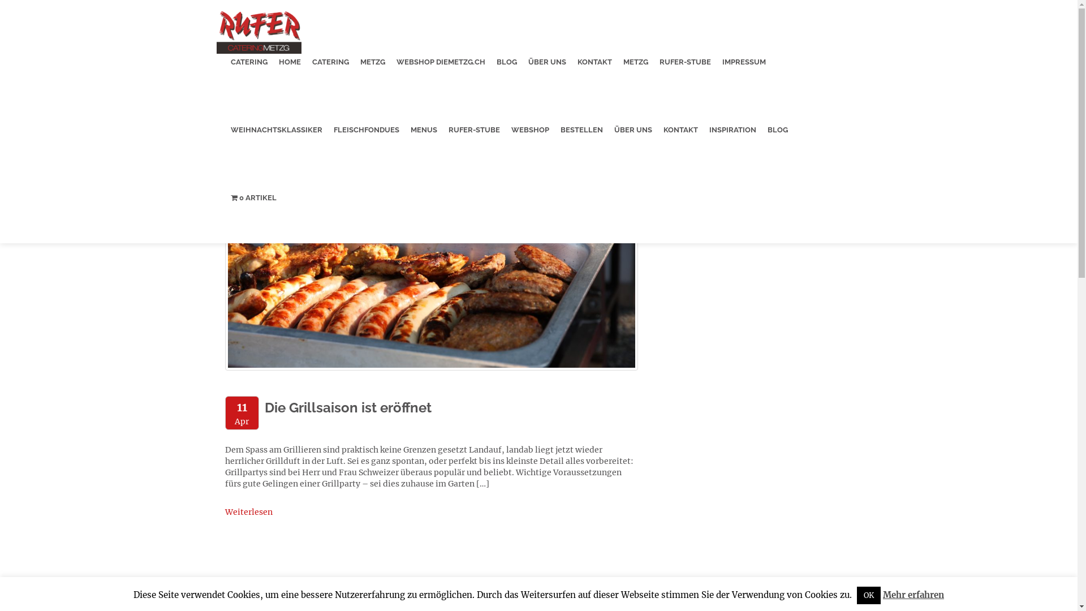  Describe the element at coordinates (289, 62) in the screenshot. I see `'HOME'` at that location.